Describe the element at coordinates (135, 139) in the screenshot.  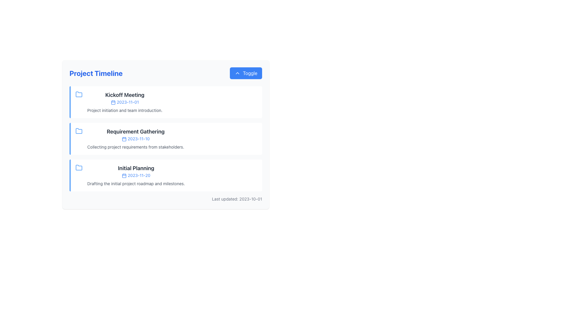
I see `the inline text displaying the date '2023-11-10' within the 'Requirement Gathering' section` at that location.